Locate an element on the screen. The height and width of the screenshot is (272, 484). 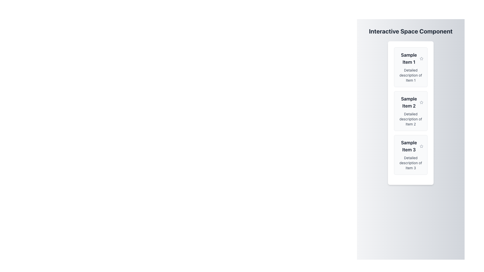
the text label that reads 'Detailed description of Item 3', which is styled with a small, light gray font and positioned below the 'Sample Item 3' title within the individual item card is located at coordinates (411, 163).